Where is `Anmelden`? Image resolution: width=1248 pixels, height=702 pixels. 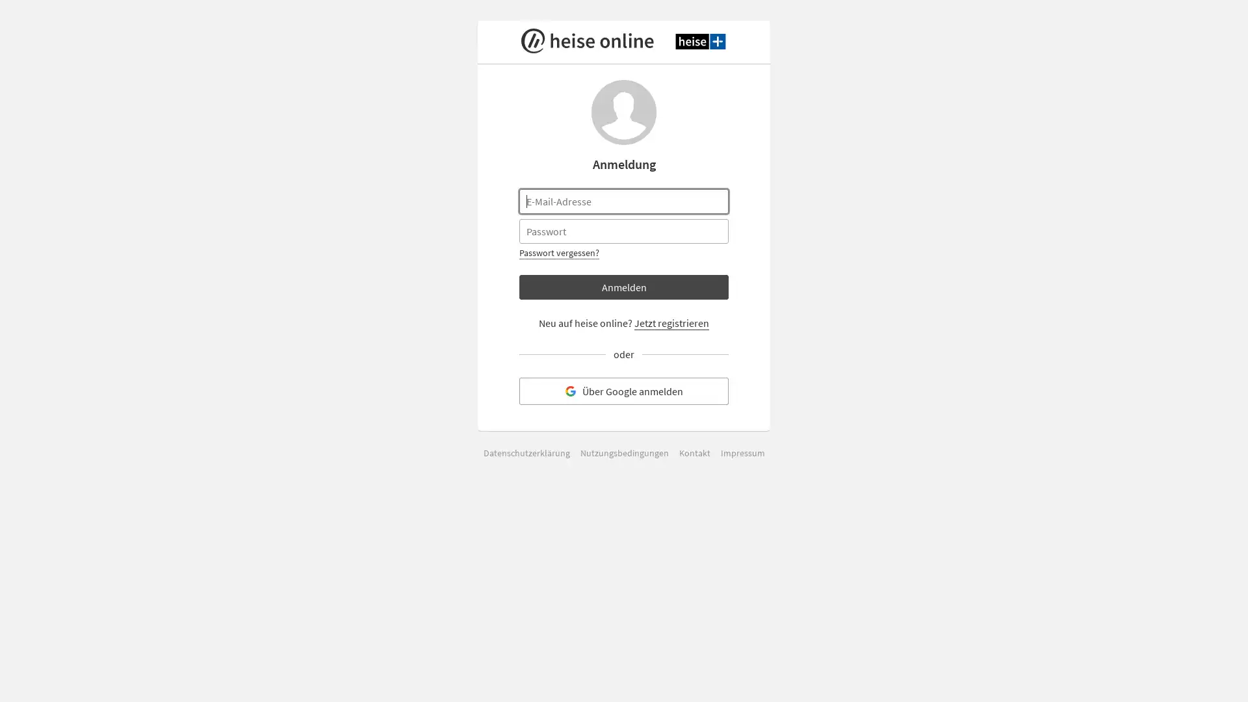 Anmelden is located at coordinates (624, 287).